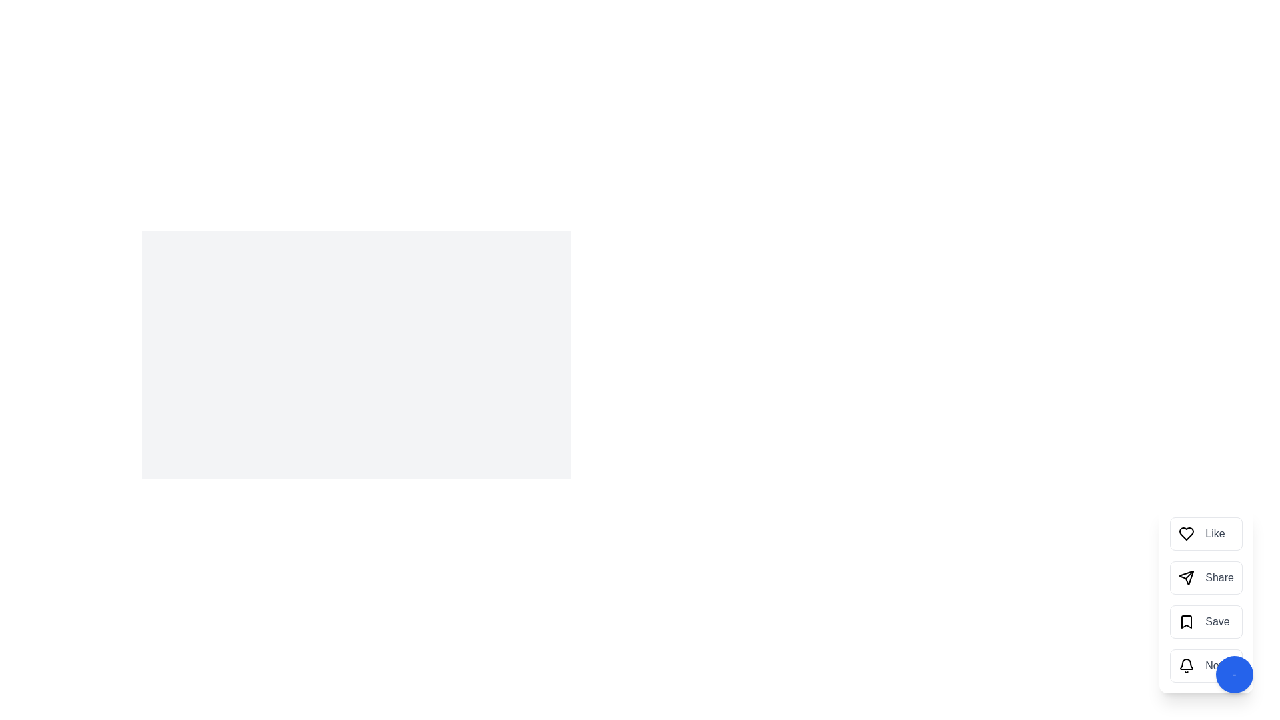  I want to click on the bookmark icon, which is the third button in the vertical list of buttons located at the bottom-right corner of the interface, so click(1187, 622).